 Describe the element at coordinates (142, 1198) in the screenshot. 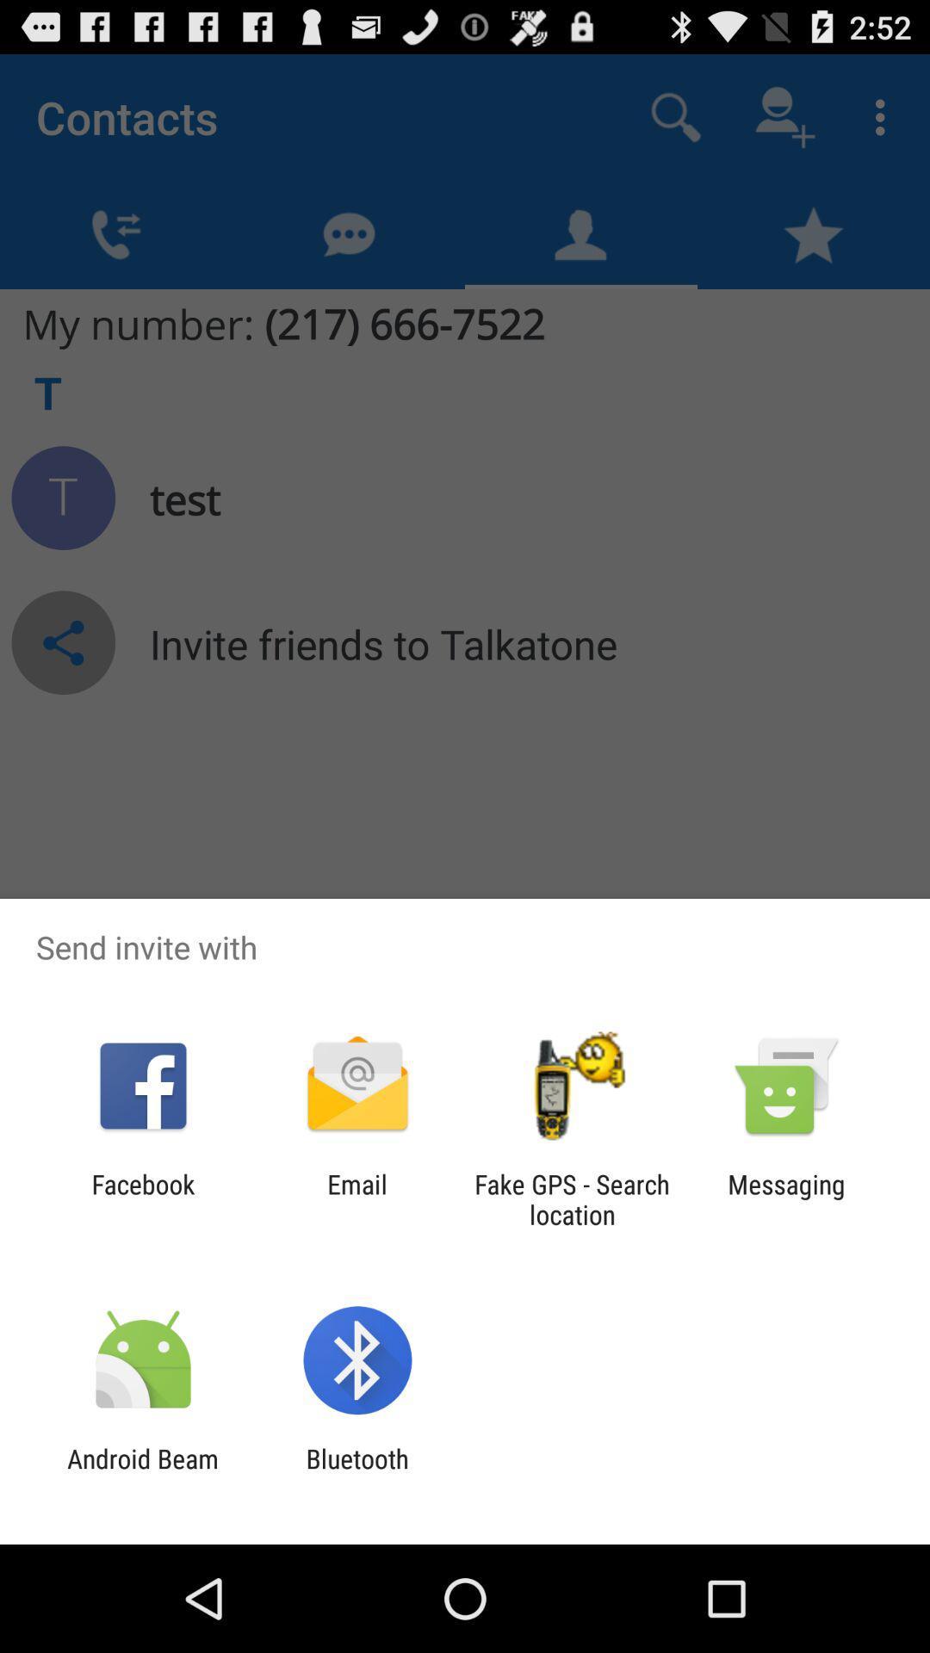

I see `item next to the email app` at that location.